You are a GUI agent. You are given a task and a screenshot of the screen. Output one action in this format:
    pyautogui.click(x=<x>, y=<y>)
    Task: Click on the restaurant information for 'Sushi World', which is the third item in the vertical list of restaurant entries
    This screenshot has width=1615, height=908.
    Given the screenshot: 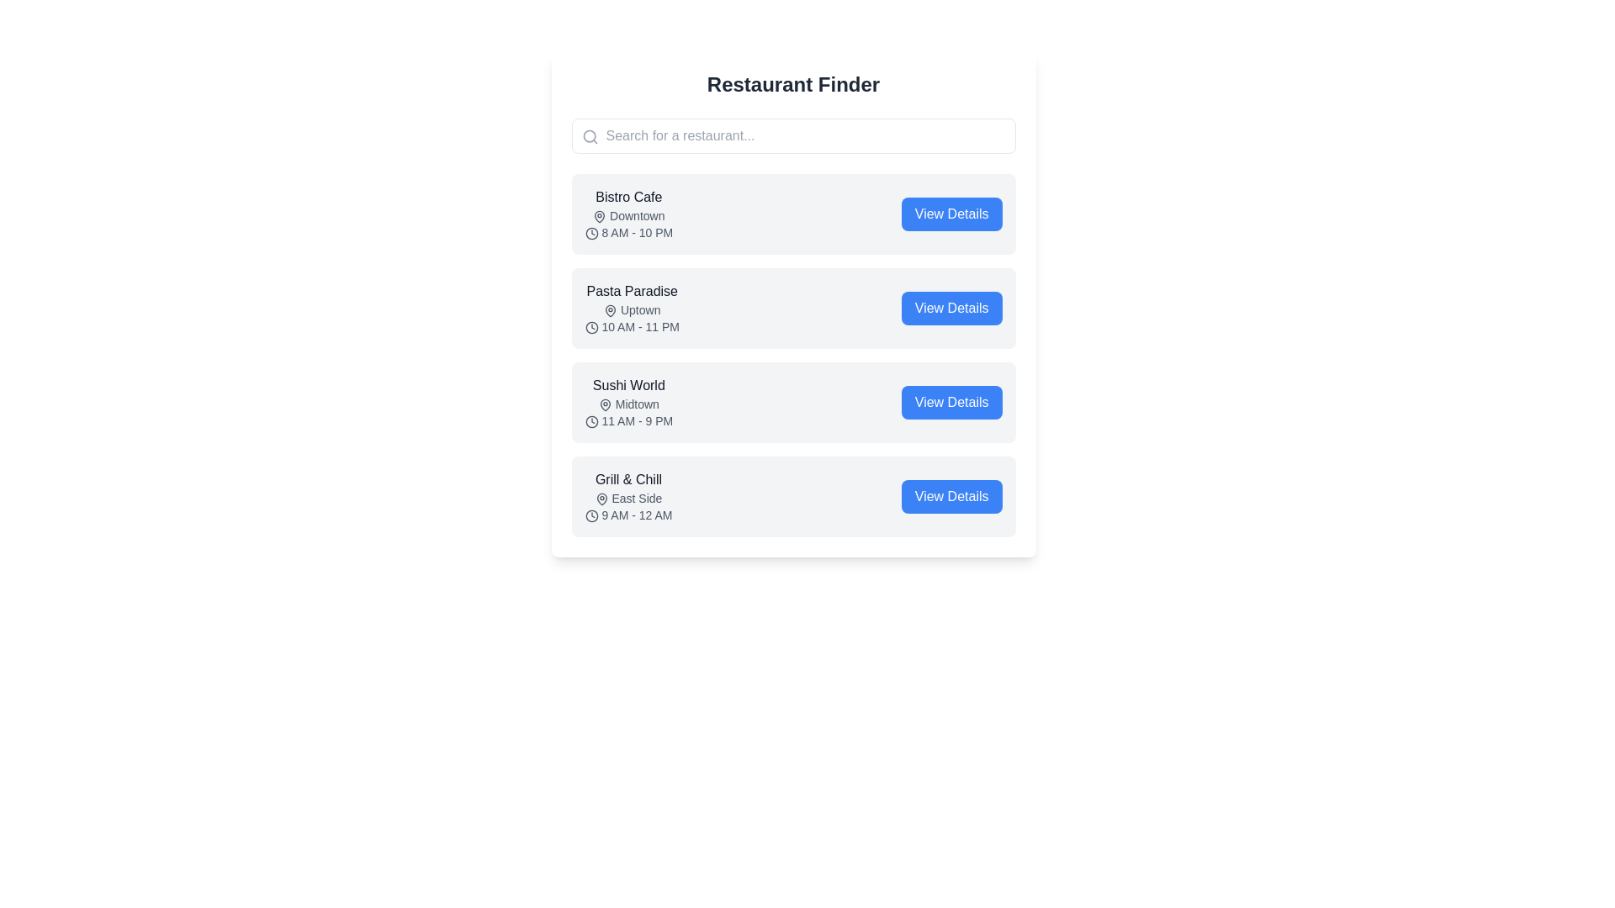 What is the action you would take?
    pyautogui.click(x=792, y=402)
    